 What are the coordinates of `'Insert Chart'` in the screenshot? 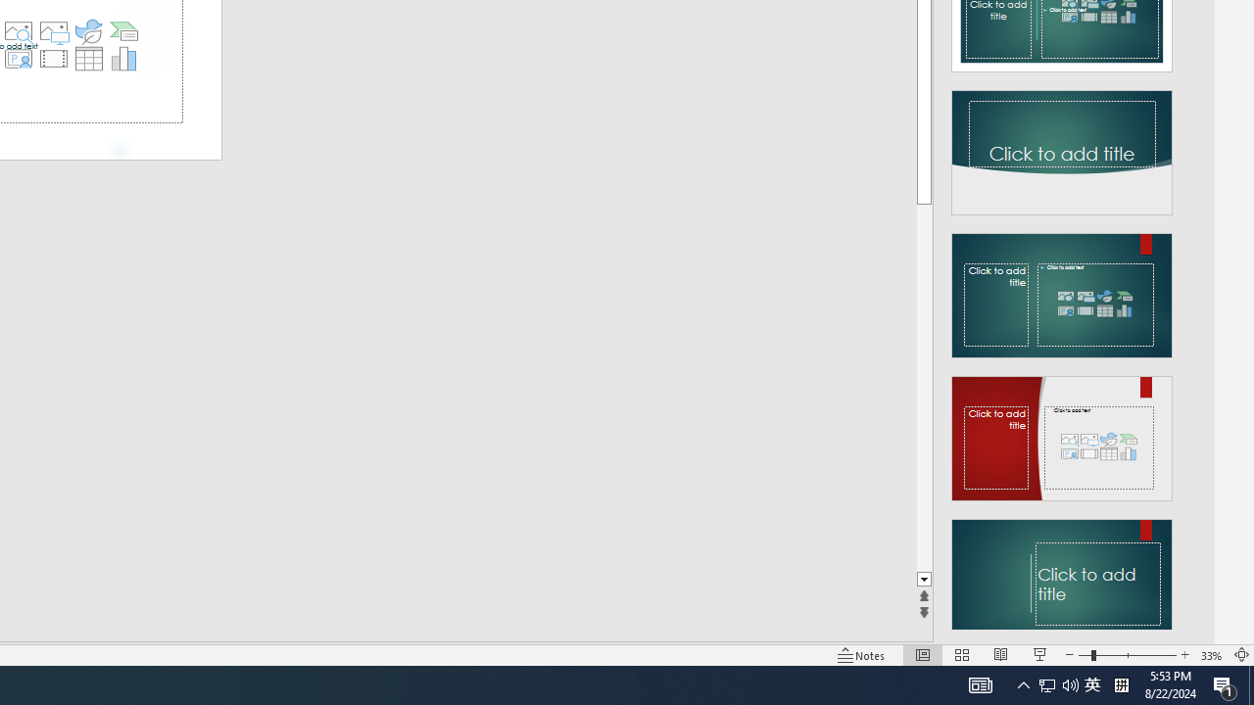 It's located at (123, 58).